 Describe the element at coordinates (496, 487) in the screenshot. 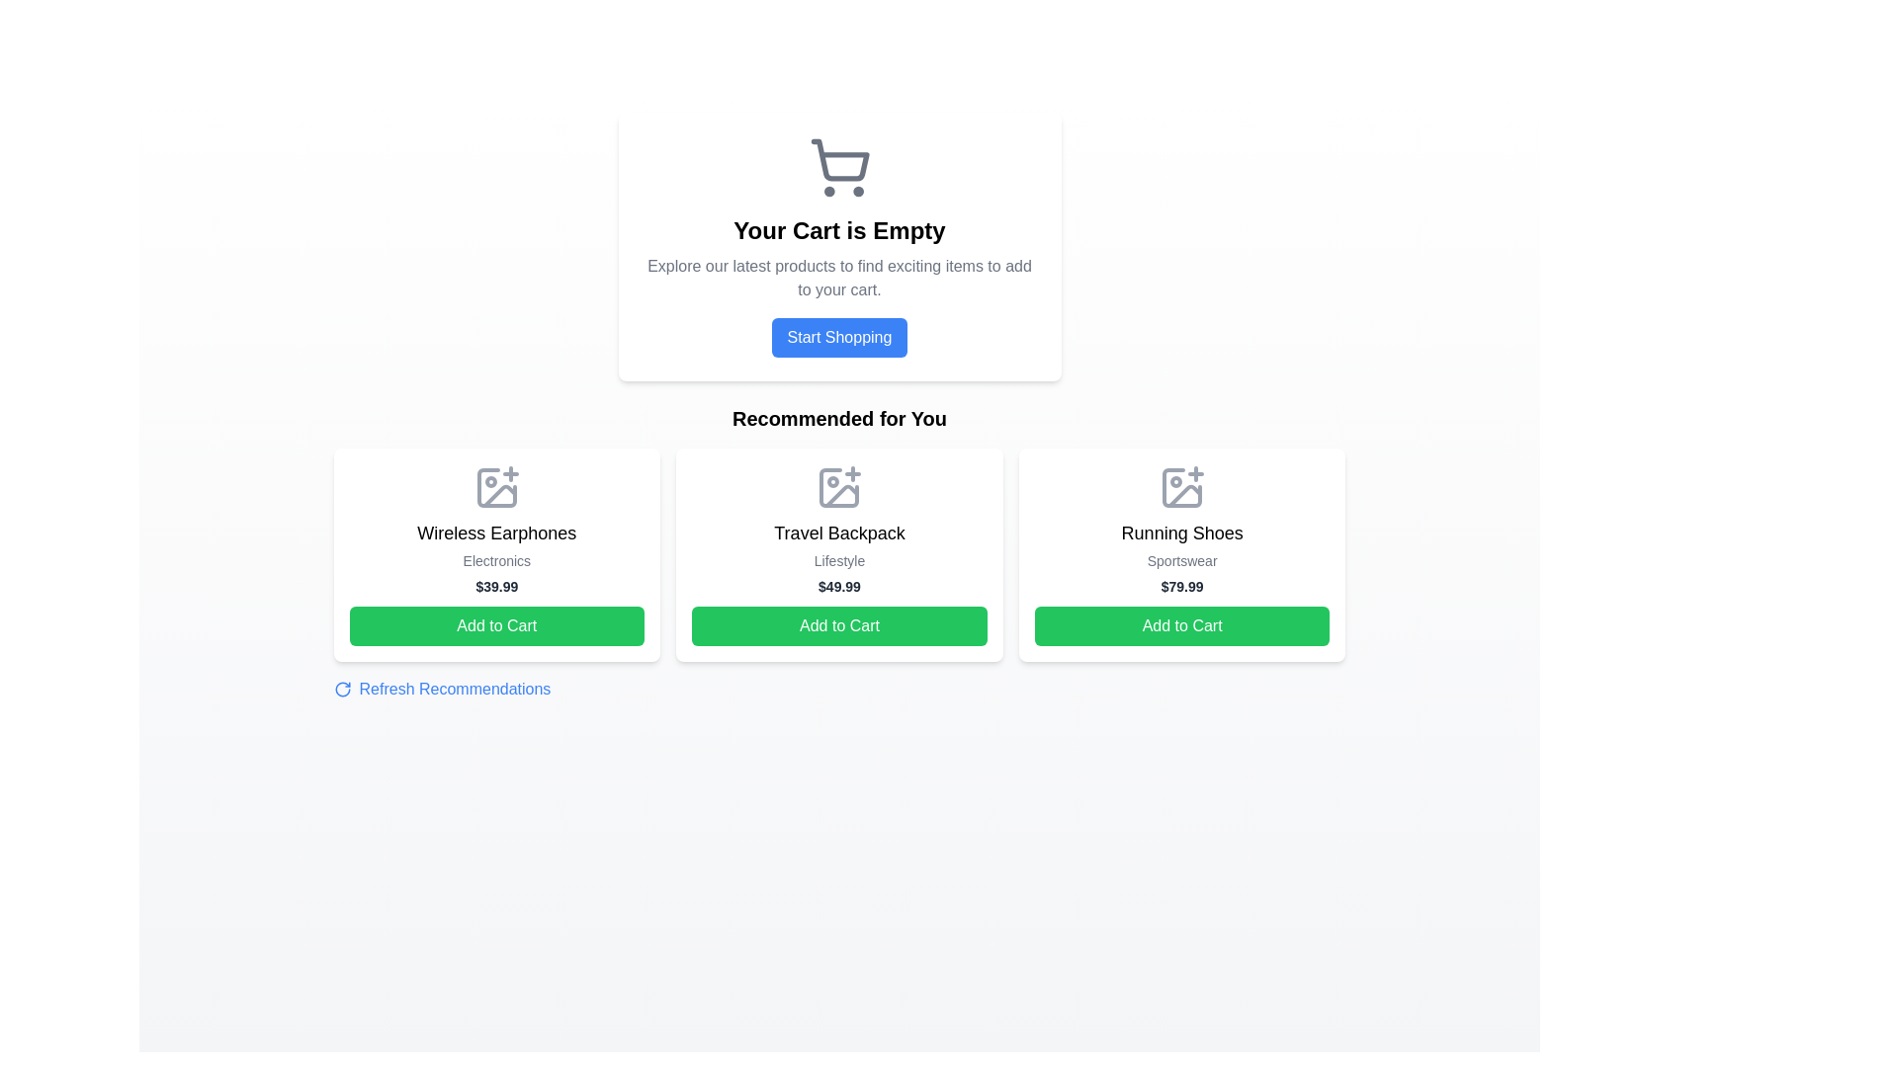

I see `the vector graphic icon representing an image, which is a rectangular frame with rounded corners and a plus sign outline at the top right, located on the 'Wireless Earphones' card under the 'Recommended for You' section` at that location.